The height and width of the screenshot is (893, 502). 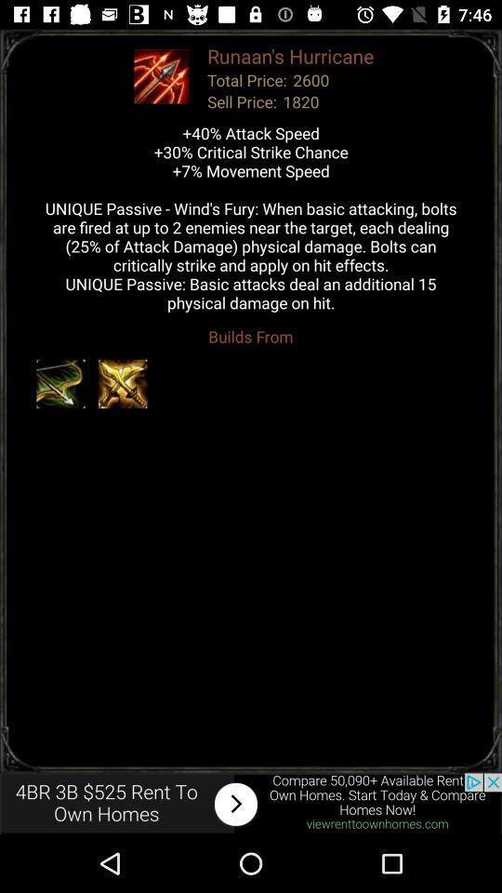 I want to click on share, so click(x=251, y=803).